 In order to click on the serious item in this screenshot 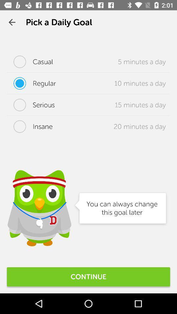, I will do `click(30, 105)`.